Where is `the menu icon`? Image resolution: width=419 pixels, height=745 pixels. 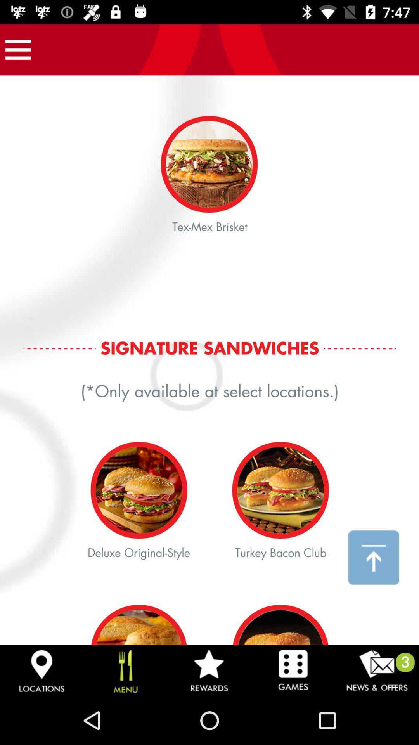 the menu icon is located at coordinates (17, 49).